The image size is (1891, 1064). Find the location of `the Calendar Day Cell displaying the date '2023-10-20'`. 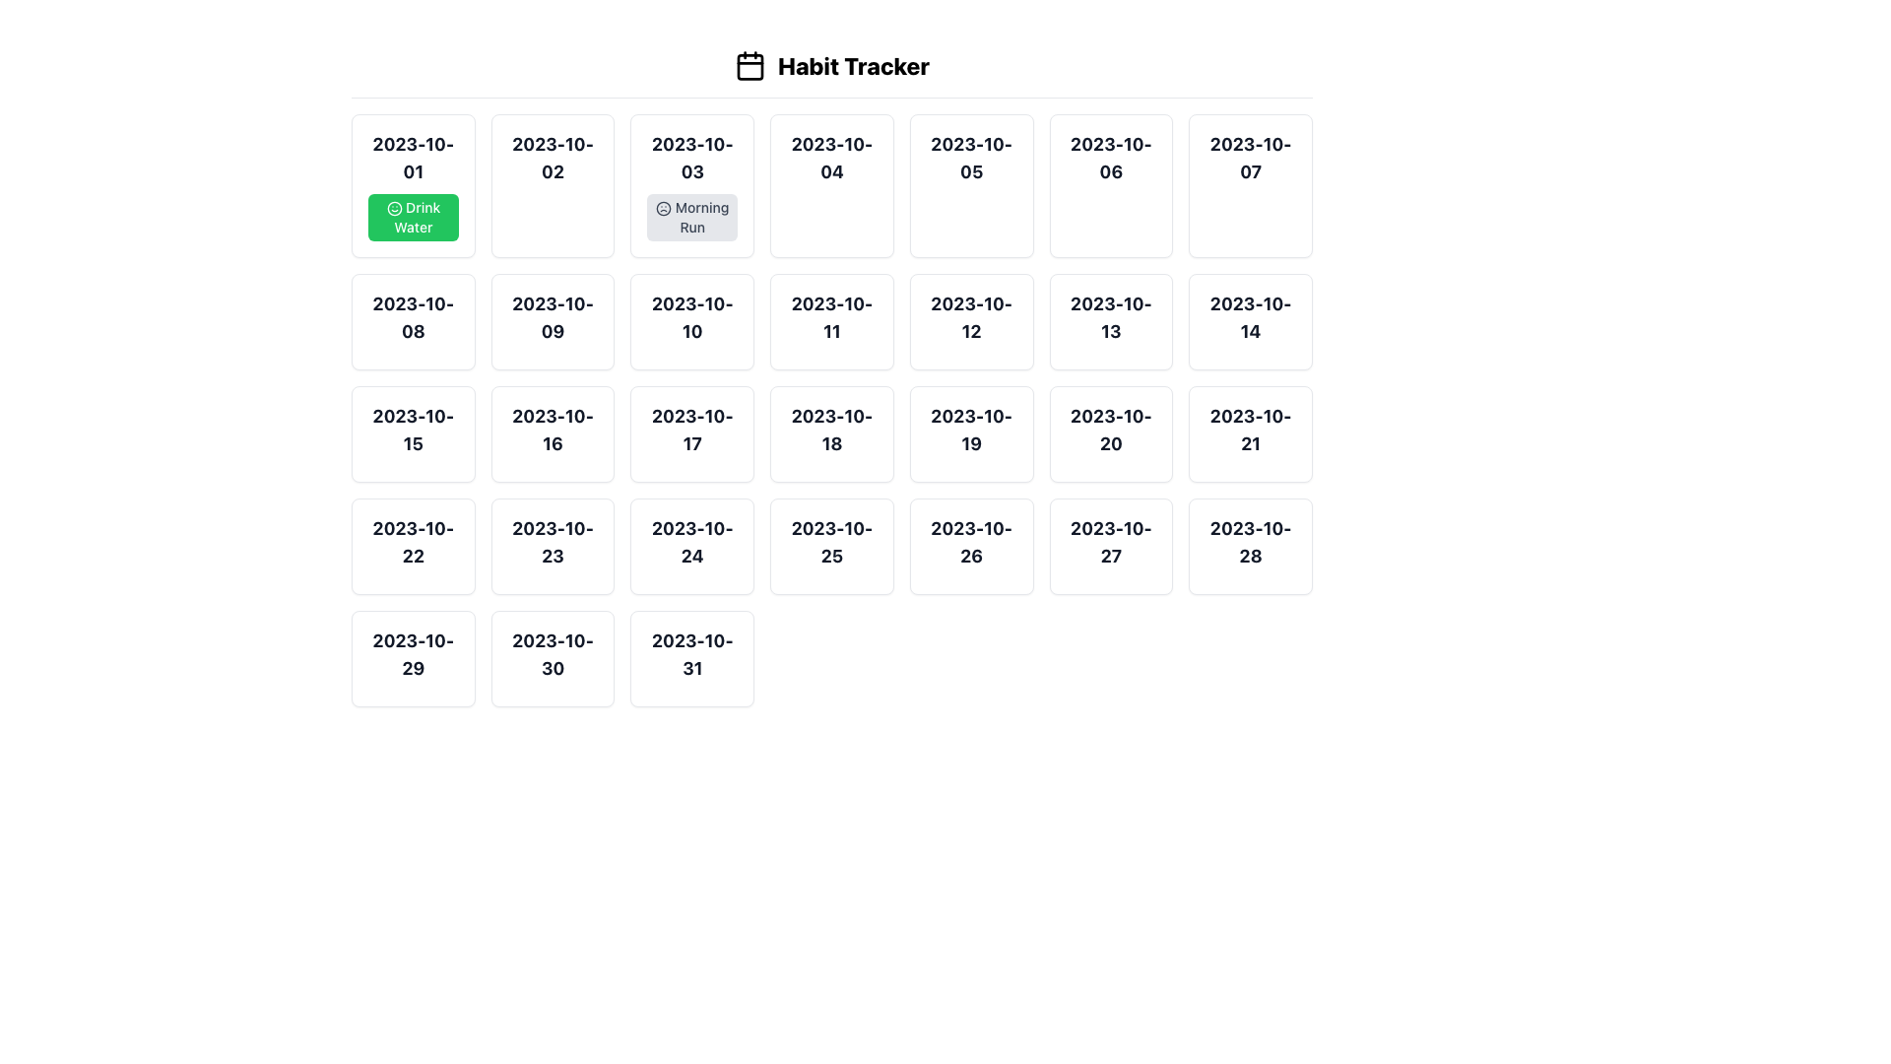

the Calendar Day Cell displaying the date '2023-10-20' is located at coordinates (1111, 432).